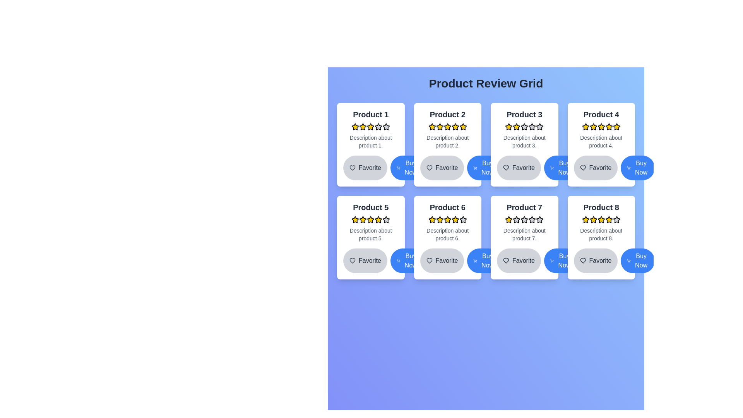 This screenshot has height=418, width=743. What do you see at coordinates (601, 222) in the screenshot?
I see `the stars in the Product information card section titled 'Product 8' to interact with the rating system` at bounding box center [601, 222].